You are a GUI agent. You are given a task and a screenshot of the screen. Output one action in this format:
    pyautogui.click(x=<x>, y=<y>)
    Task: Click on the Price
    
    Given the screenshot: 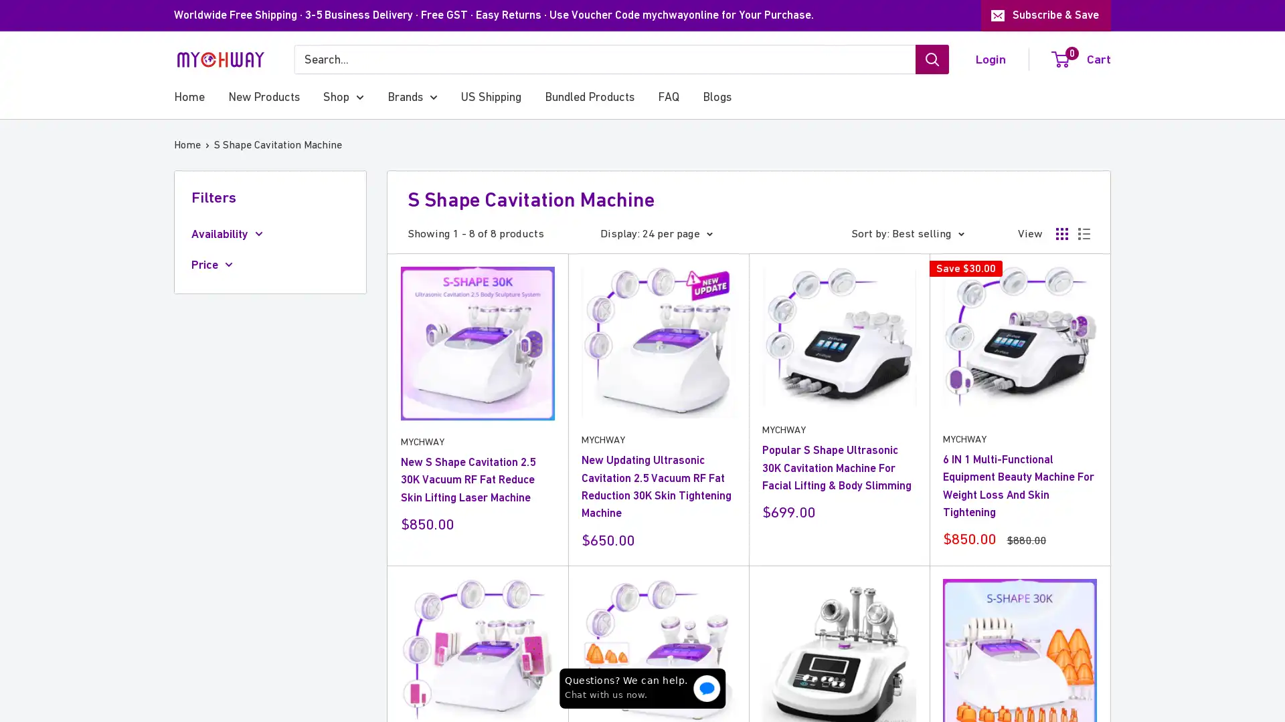 What is the action you would take?
    pyautogui.click(x=269, y=264)
    